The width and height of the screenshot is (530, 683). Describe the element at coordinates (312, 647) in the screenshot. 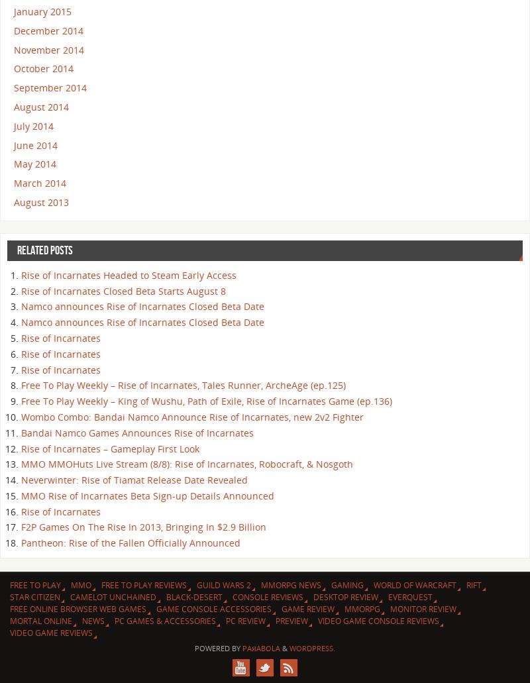

I see `'WordPress.'` at that location.